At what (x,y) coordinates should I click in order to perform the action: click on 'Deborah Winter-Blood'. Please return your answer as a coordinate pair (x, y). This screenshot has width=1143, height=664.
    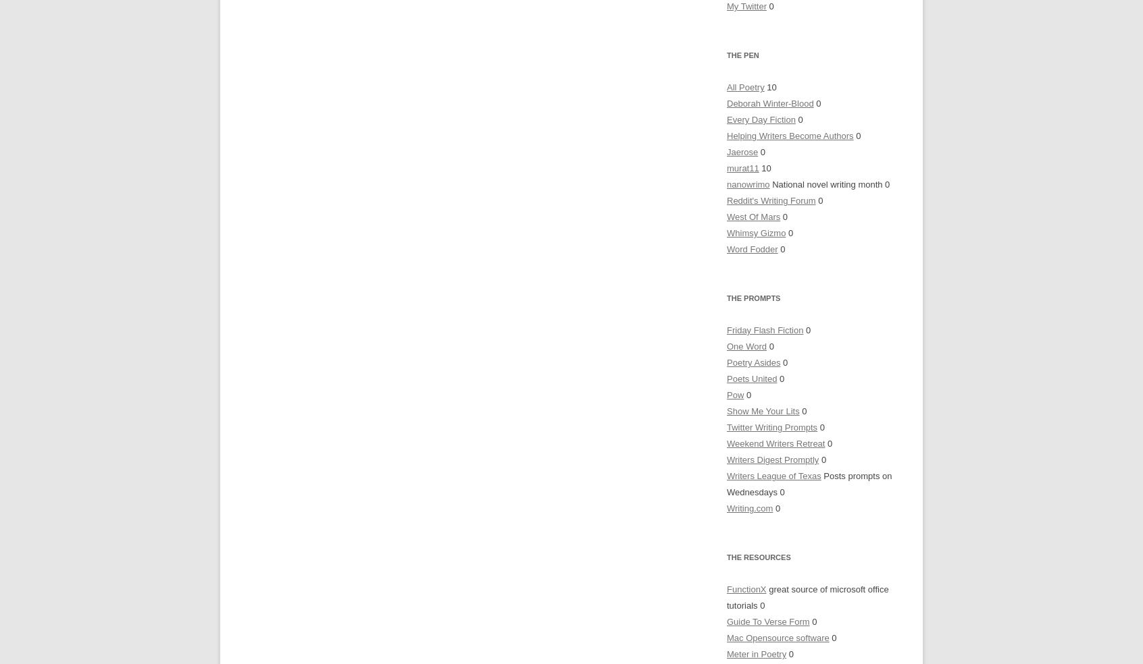
    Looking at the image, I should click on (769, 103).